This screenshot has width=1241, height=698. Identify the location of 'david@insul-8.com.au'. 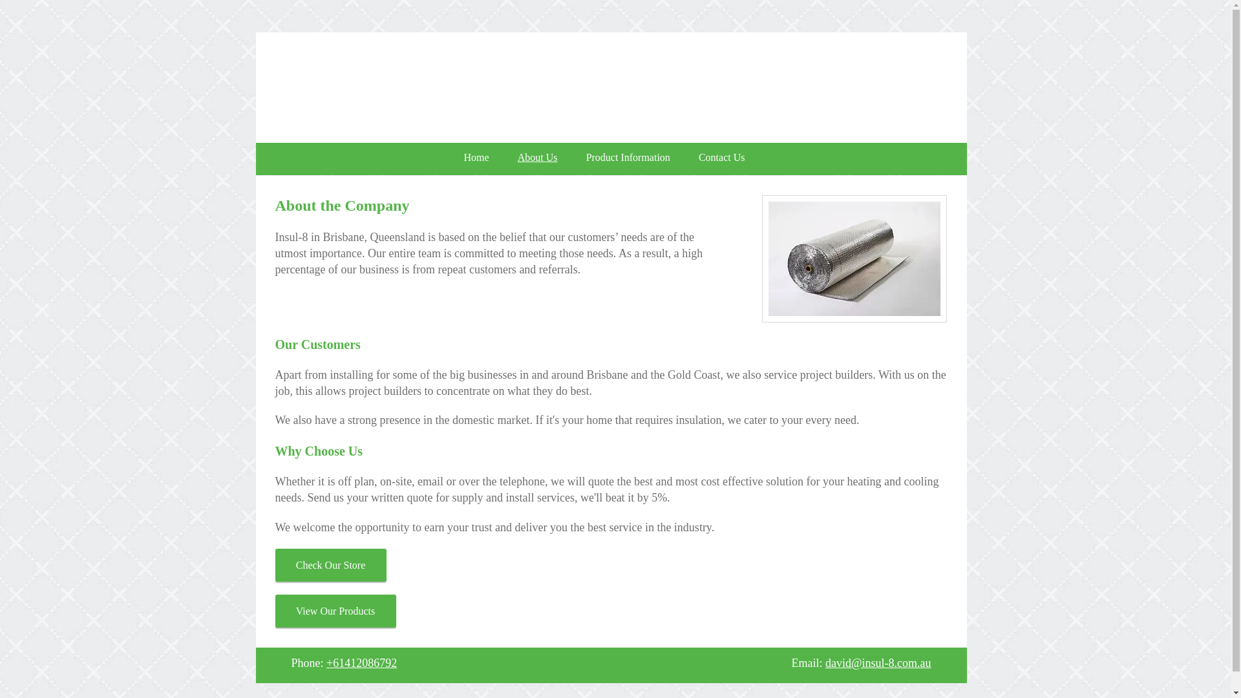
(878, 663).